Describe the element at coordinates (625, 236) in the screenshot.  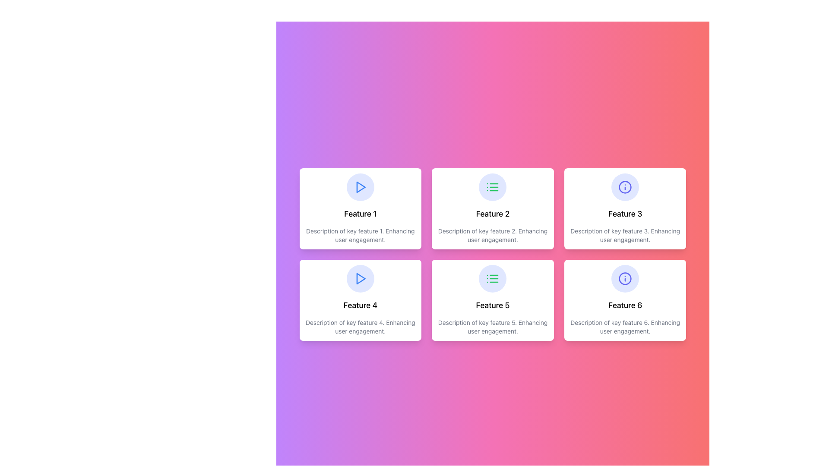
I see `the static text label that provides additional details about 'Feature 3', located directly below the title within the card layout` at that location.